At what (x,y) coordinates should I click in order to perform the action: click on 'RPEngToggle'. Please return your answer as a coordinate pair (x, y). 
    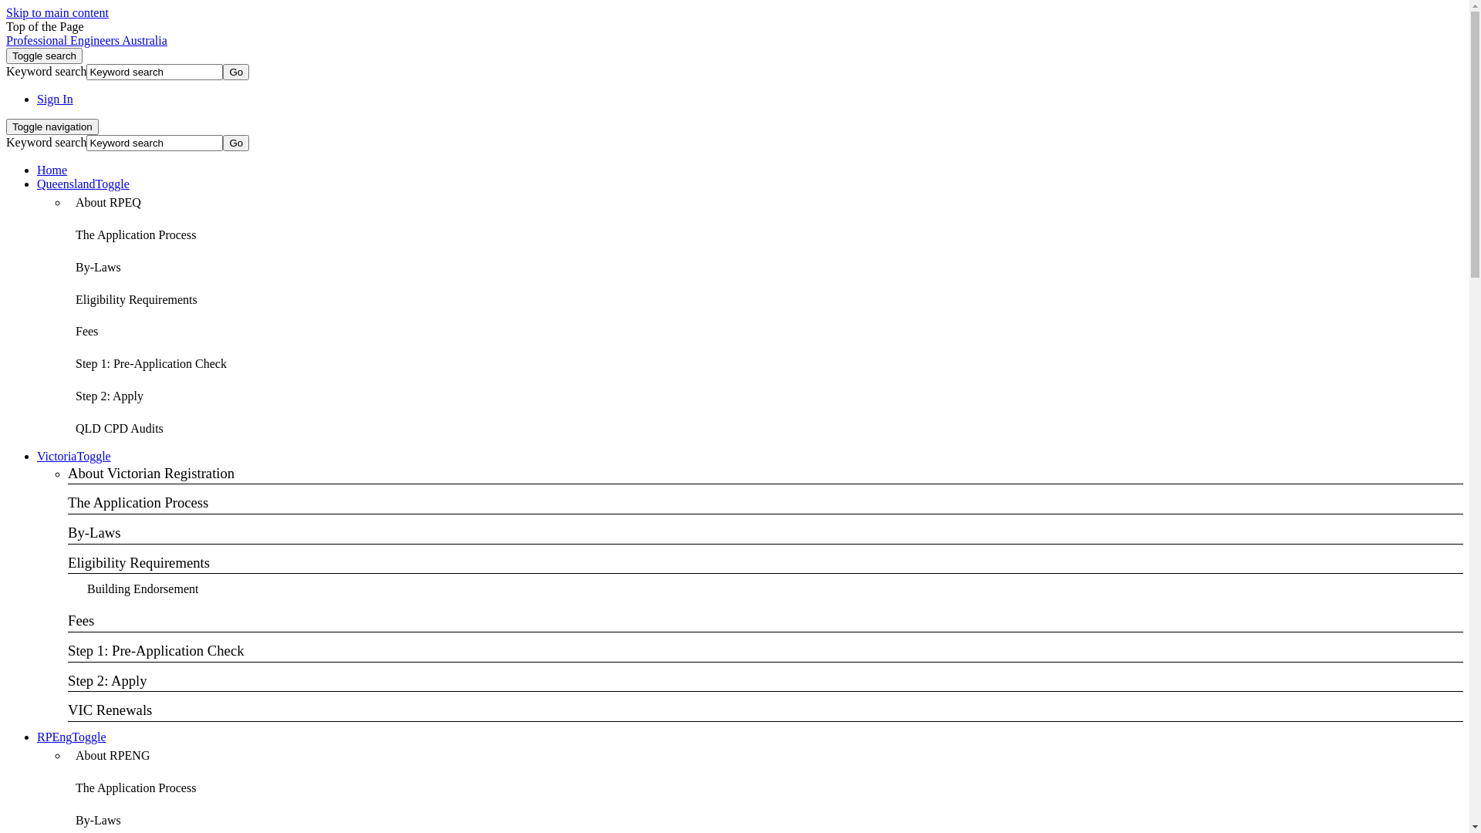
    Looking at the image, I should click on (70, 736).